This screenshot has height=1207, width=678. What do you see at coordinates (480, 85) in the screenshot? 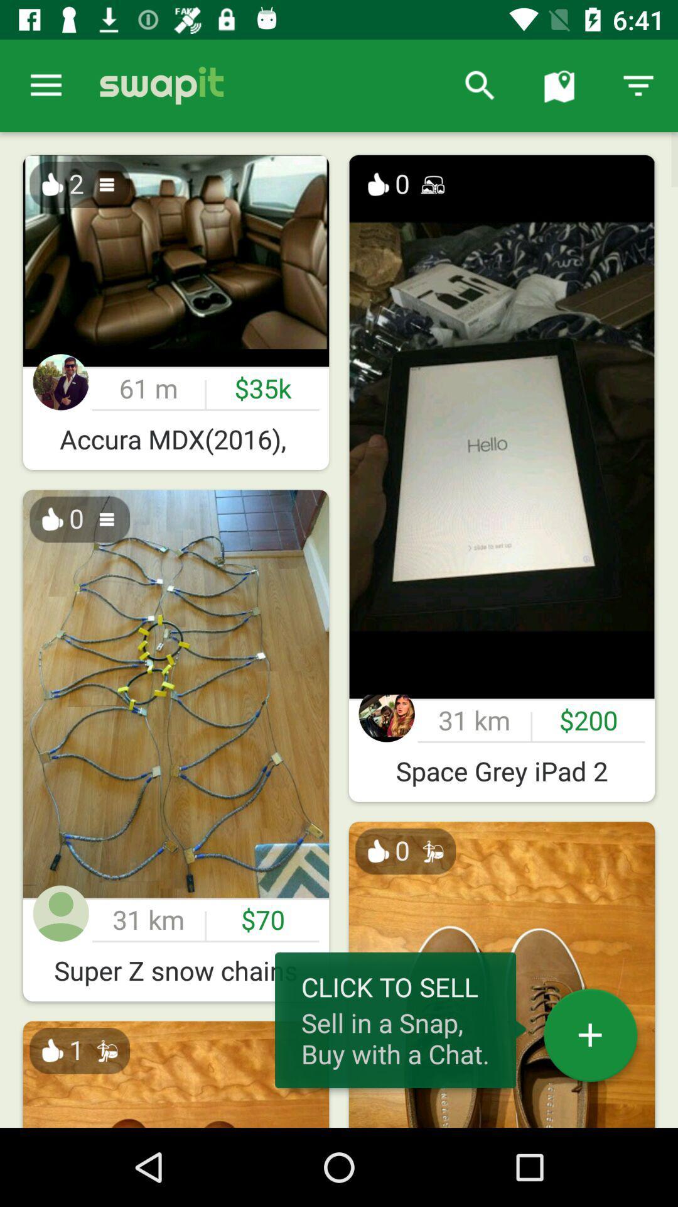
I see `item to the right of the it item` at bounding box center [480, 85].